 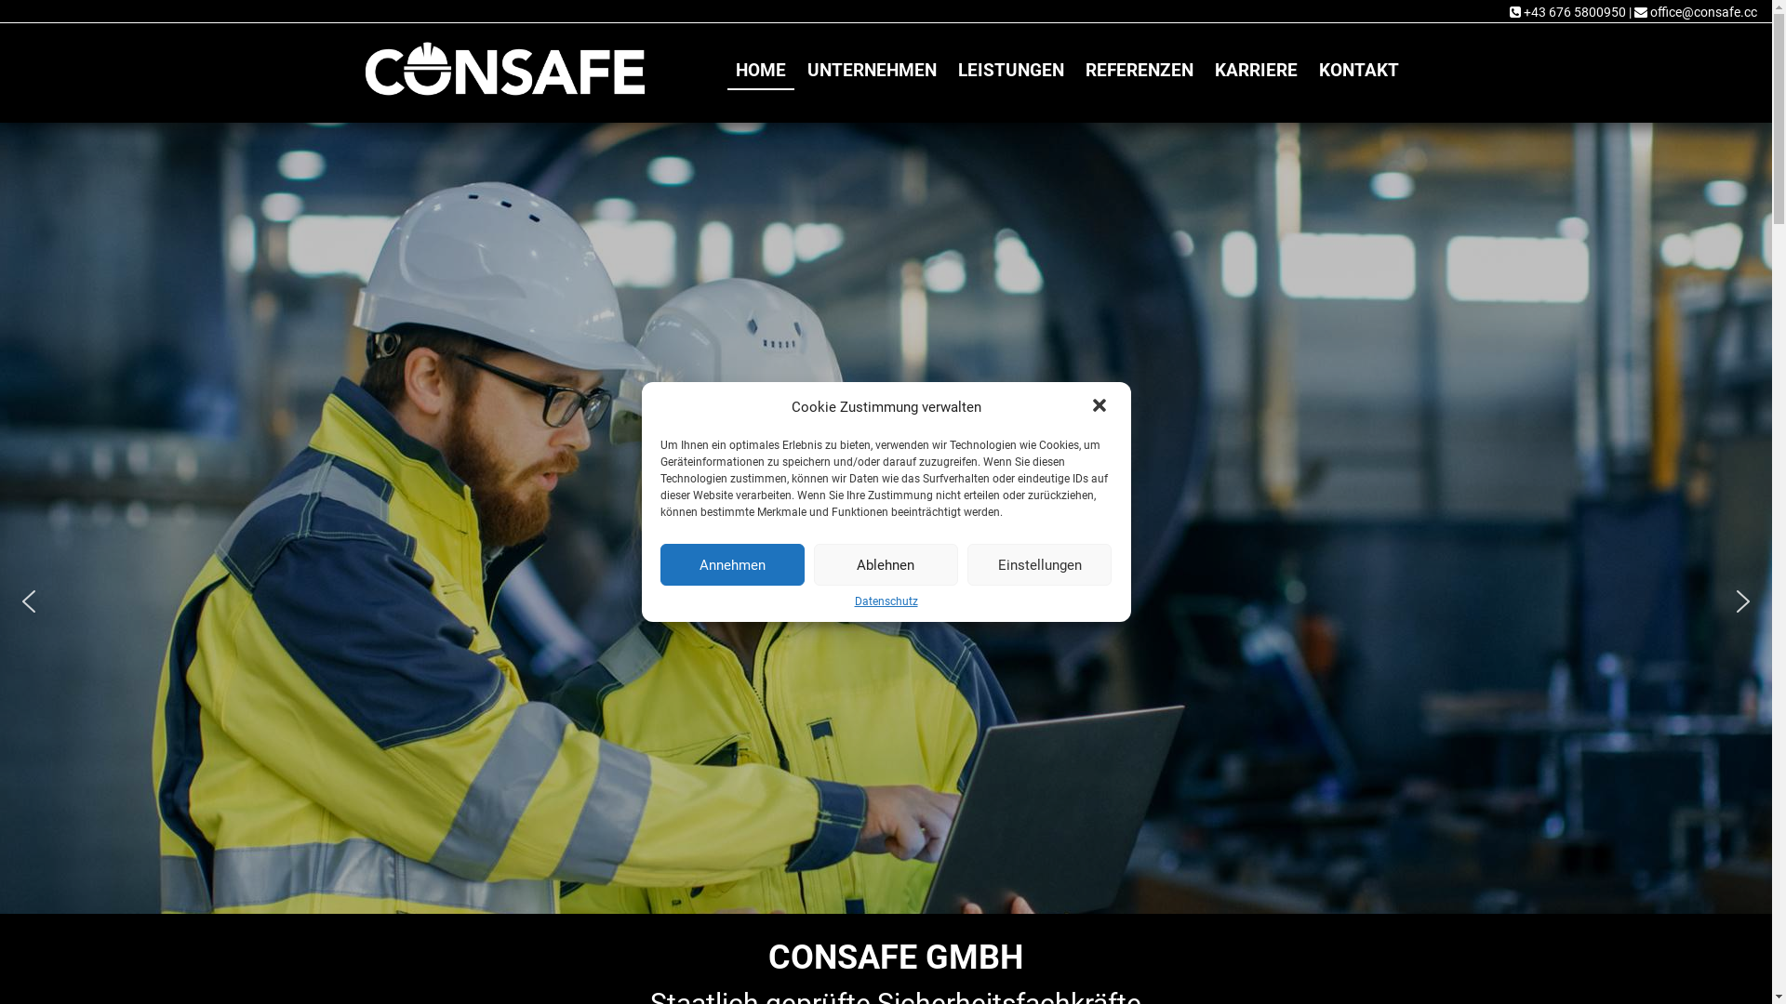 I want to click on 'KONTAKT', so click(x=1357, y=69).